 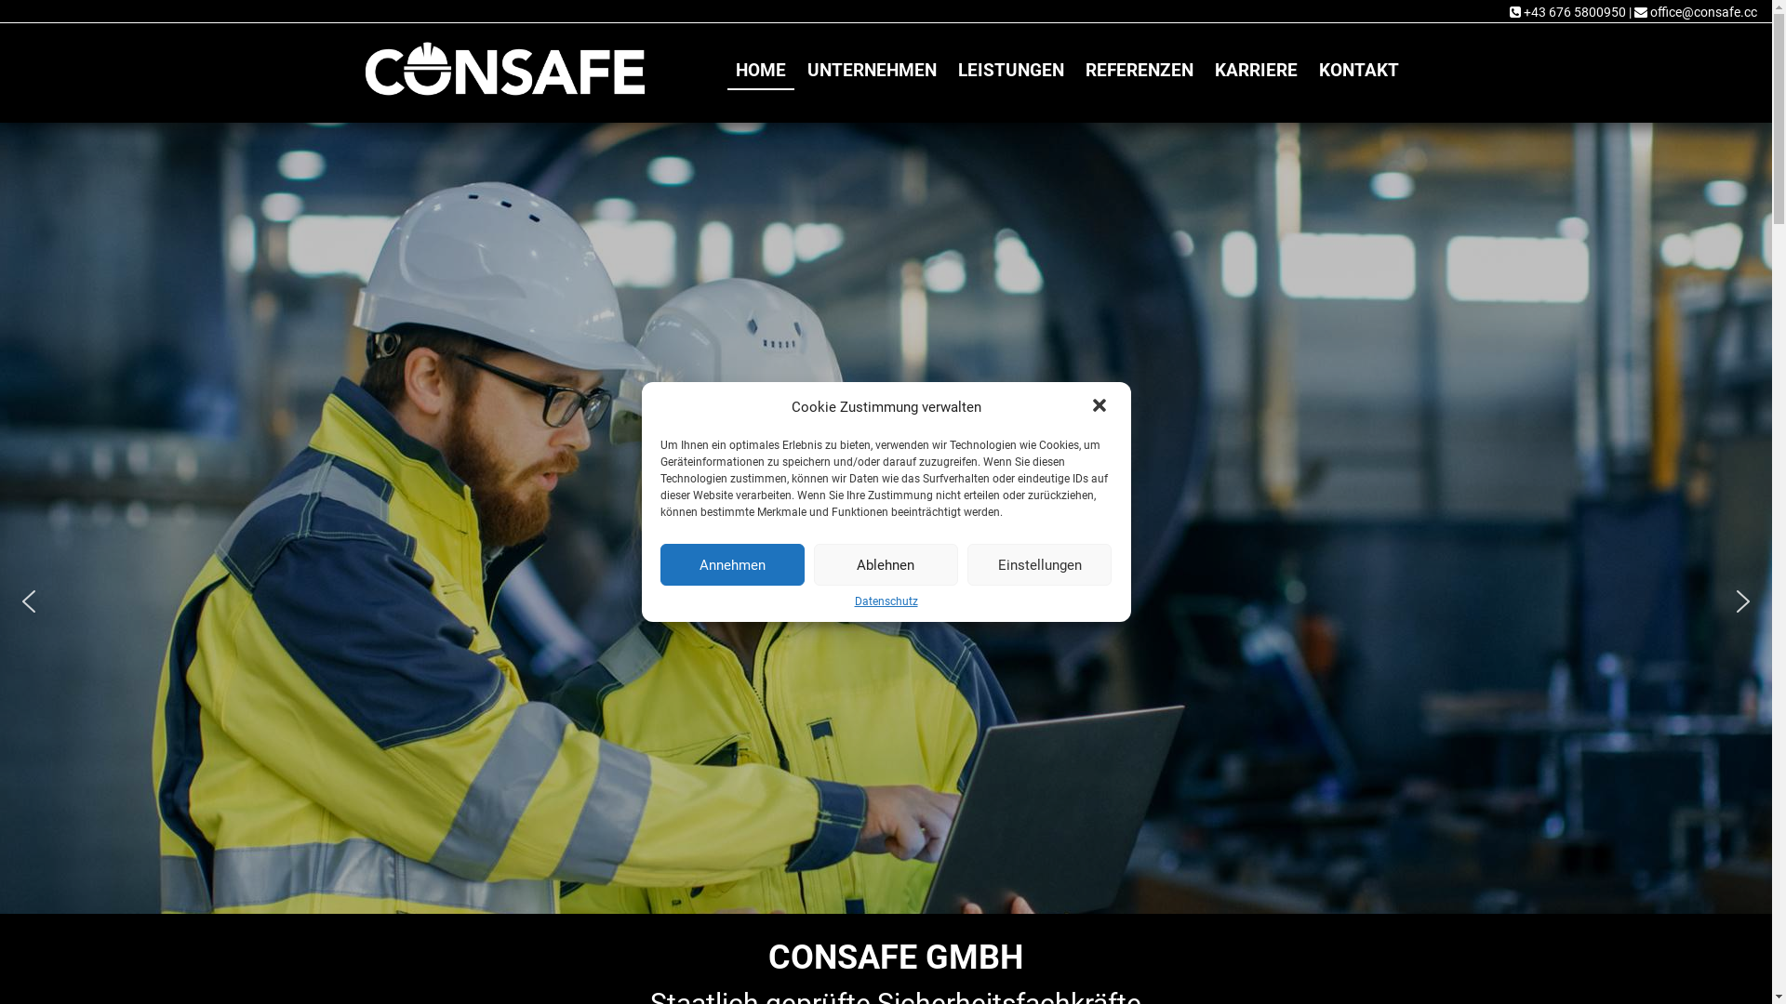 I want to click on 'KONTAKT', so click(x=1357, y=69).